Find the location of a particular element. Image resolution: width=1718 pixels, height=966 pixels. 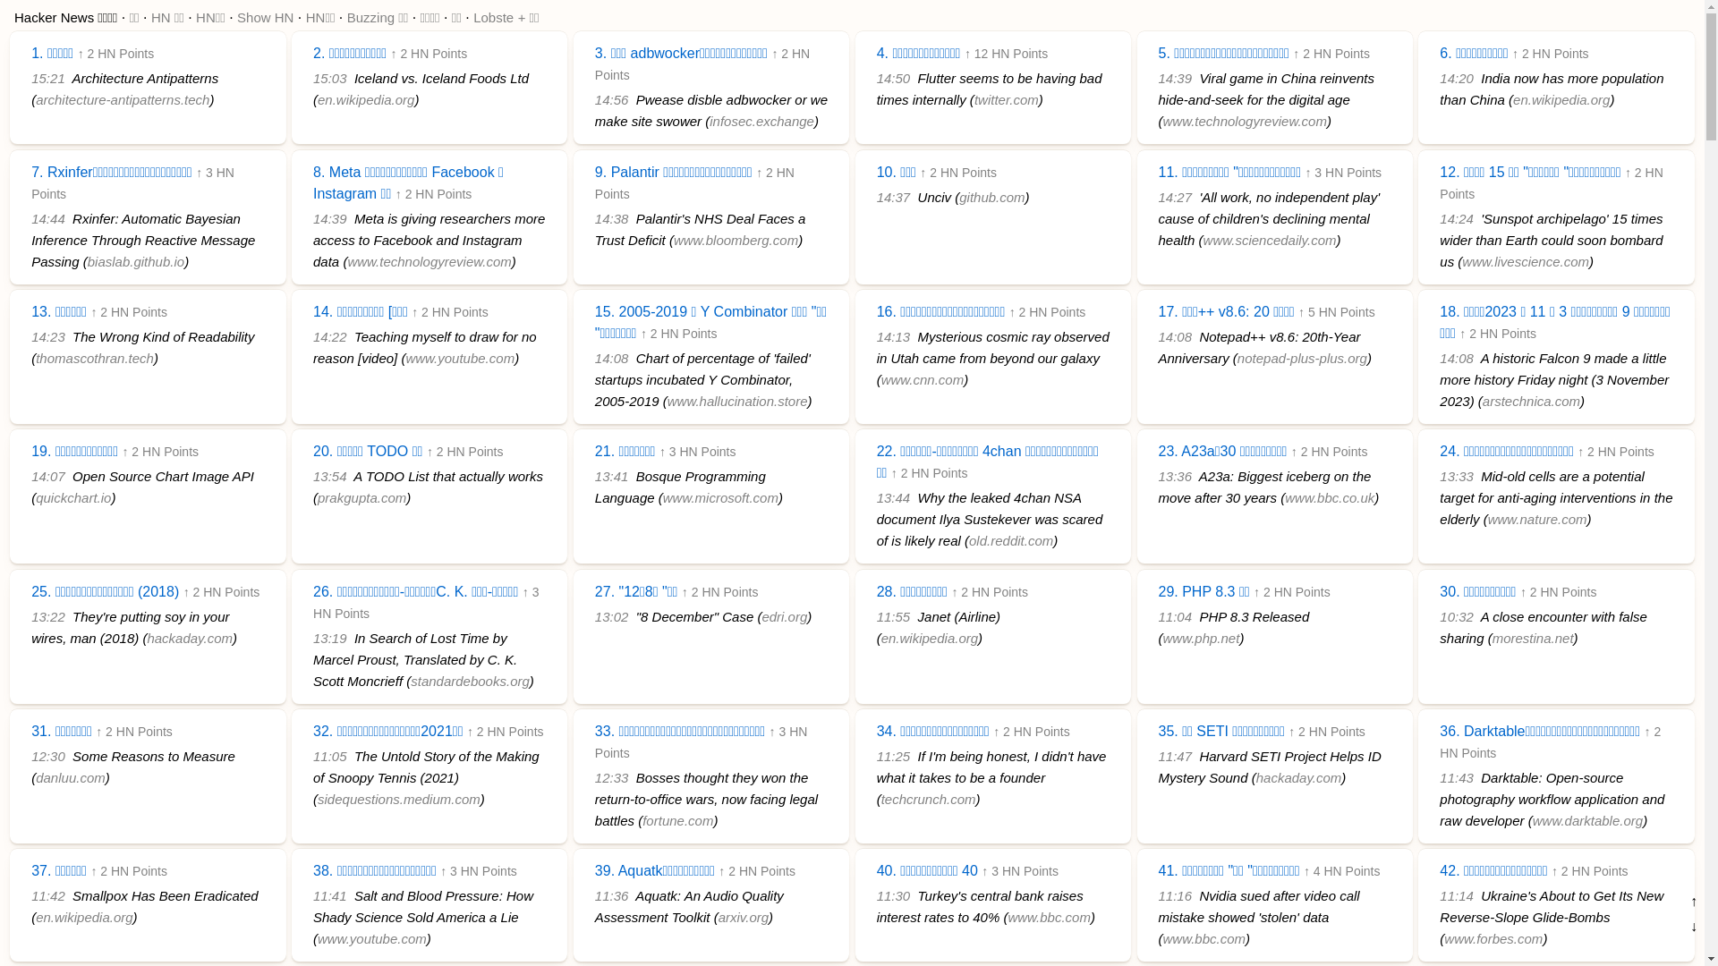

'14:23' is located at coordinates (30, 336).